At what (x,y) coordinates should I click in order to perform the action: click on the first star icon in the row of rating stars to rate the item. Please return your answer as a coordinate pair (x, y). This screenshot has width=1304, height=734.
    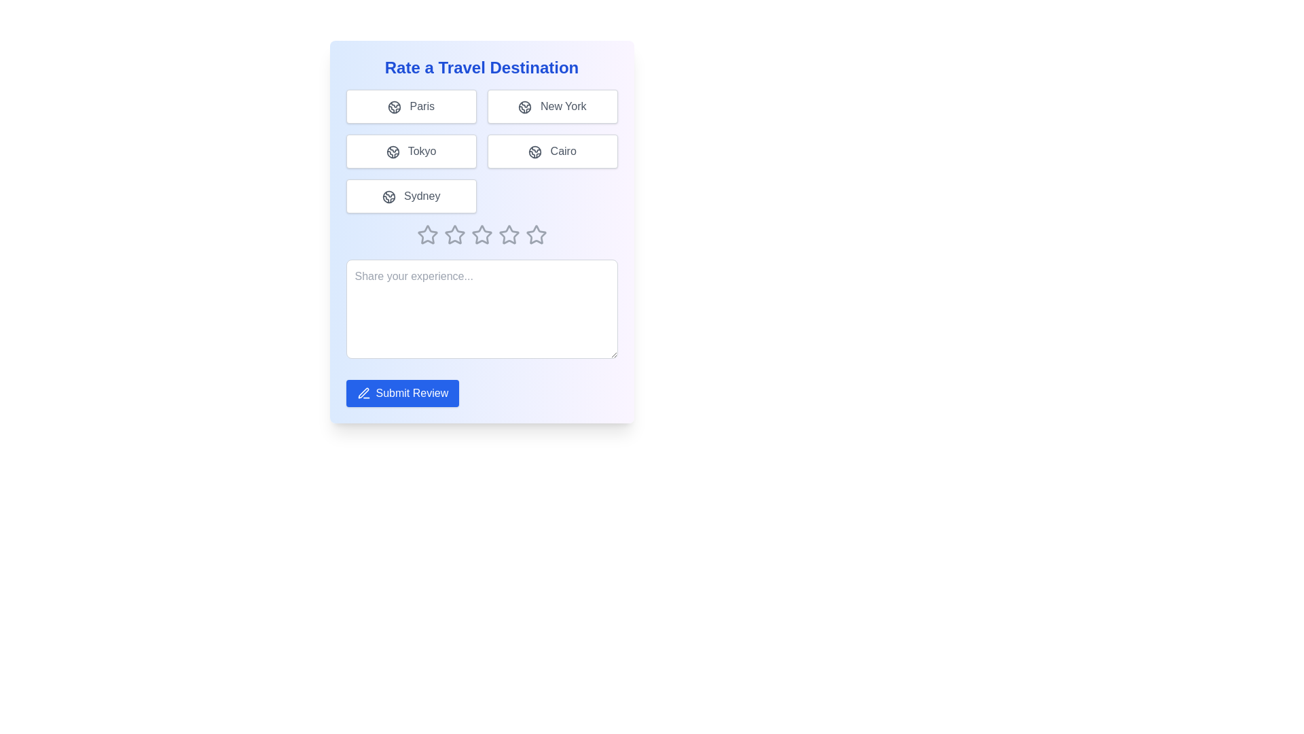
    Looking at the image, I should click on (427, 234).